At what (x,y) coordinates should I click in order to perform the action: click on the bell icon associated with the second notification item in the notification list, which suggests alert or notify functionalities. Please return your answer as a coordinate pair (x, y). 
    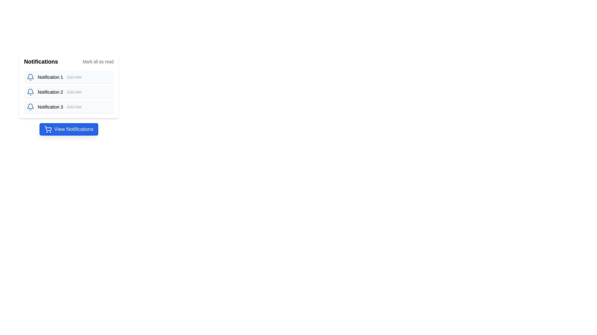
    Looking at the image, I should click on (30, 91).